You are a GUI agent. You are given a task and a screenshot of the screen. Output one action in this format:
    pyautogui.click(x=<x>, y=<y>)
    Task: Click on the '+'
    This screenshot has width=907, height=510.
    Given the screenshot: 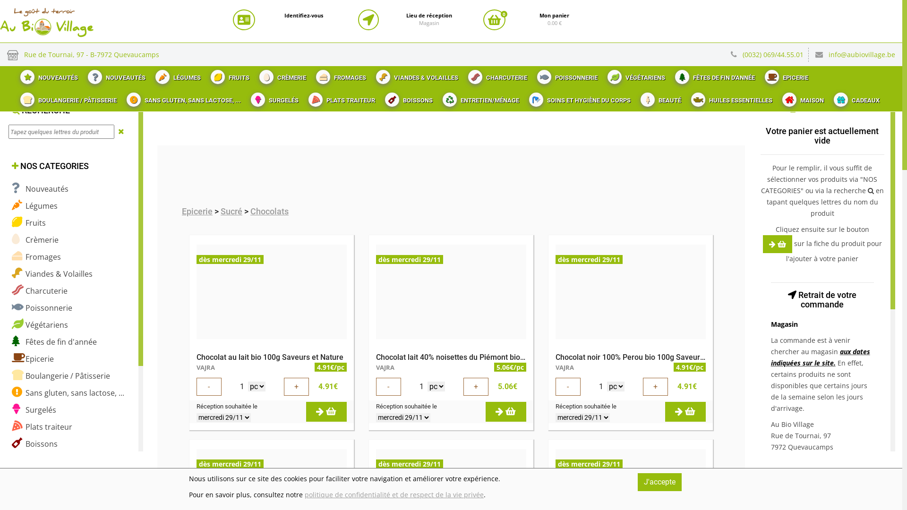 What is the action you would take?
    pyautogui.click(x=655, y=386)
    